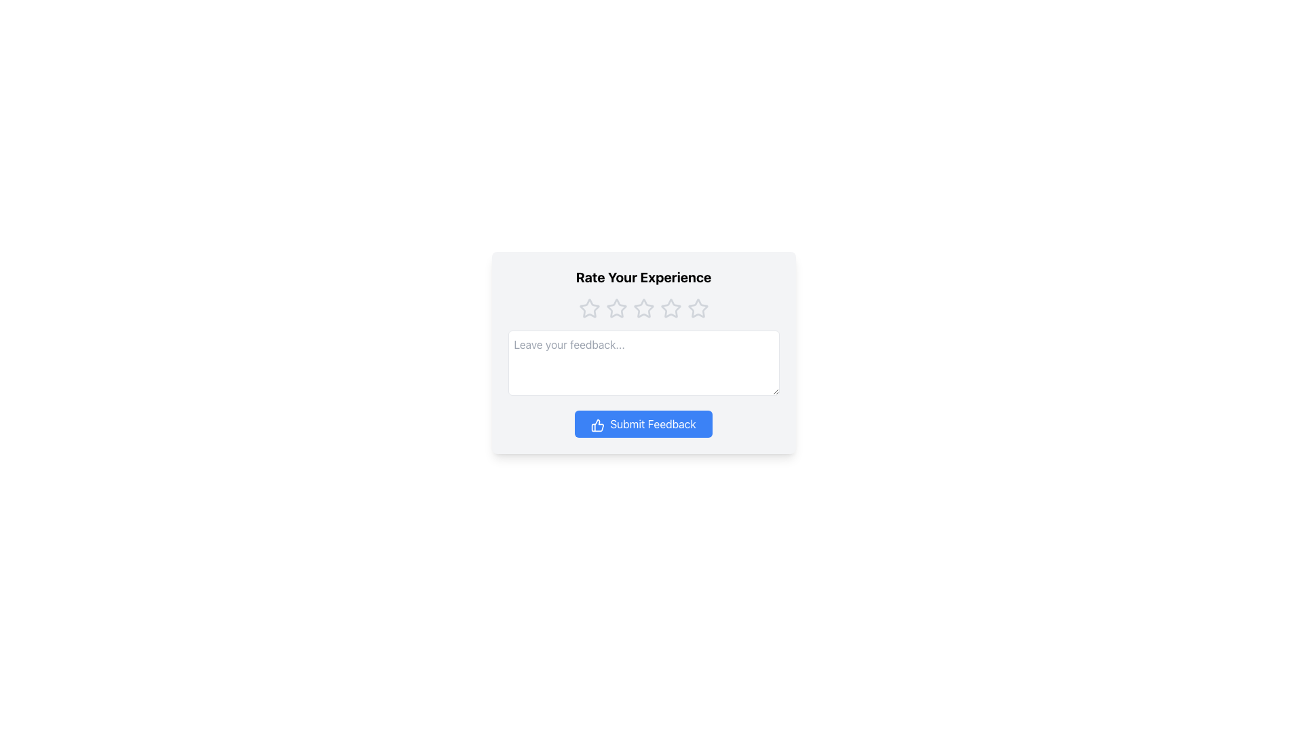 The height and width of the screenshot is (733, 1303). Describe the element at coordinates (643, 423) in the screenshot. I see `the 'Submit Feedback' button with a blue background and white text` at that location.